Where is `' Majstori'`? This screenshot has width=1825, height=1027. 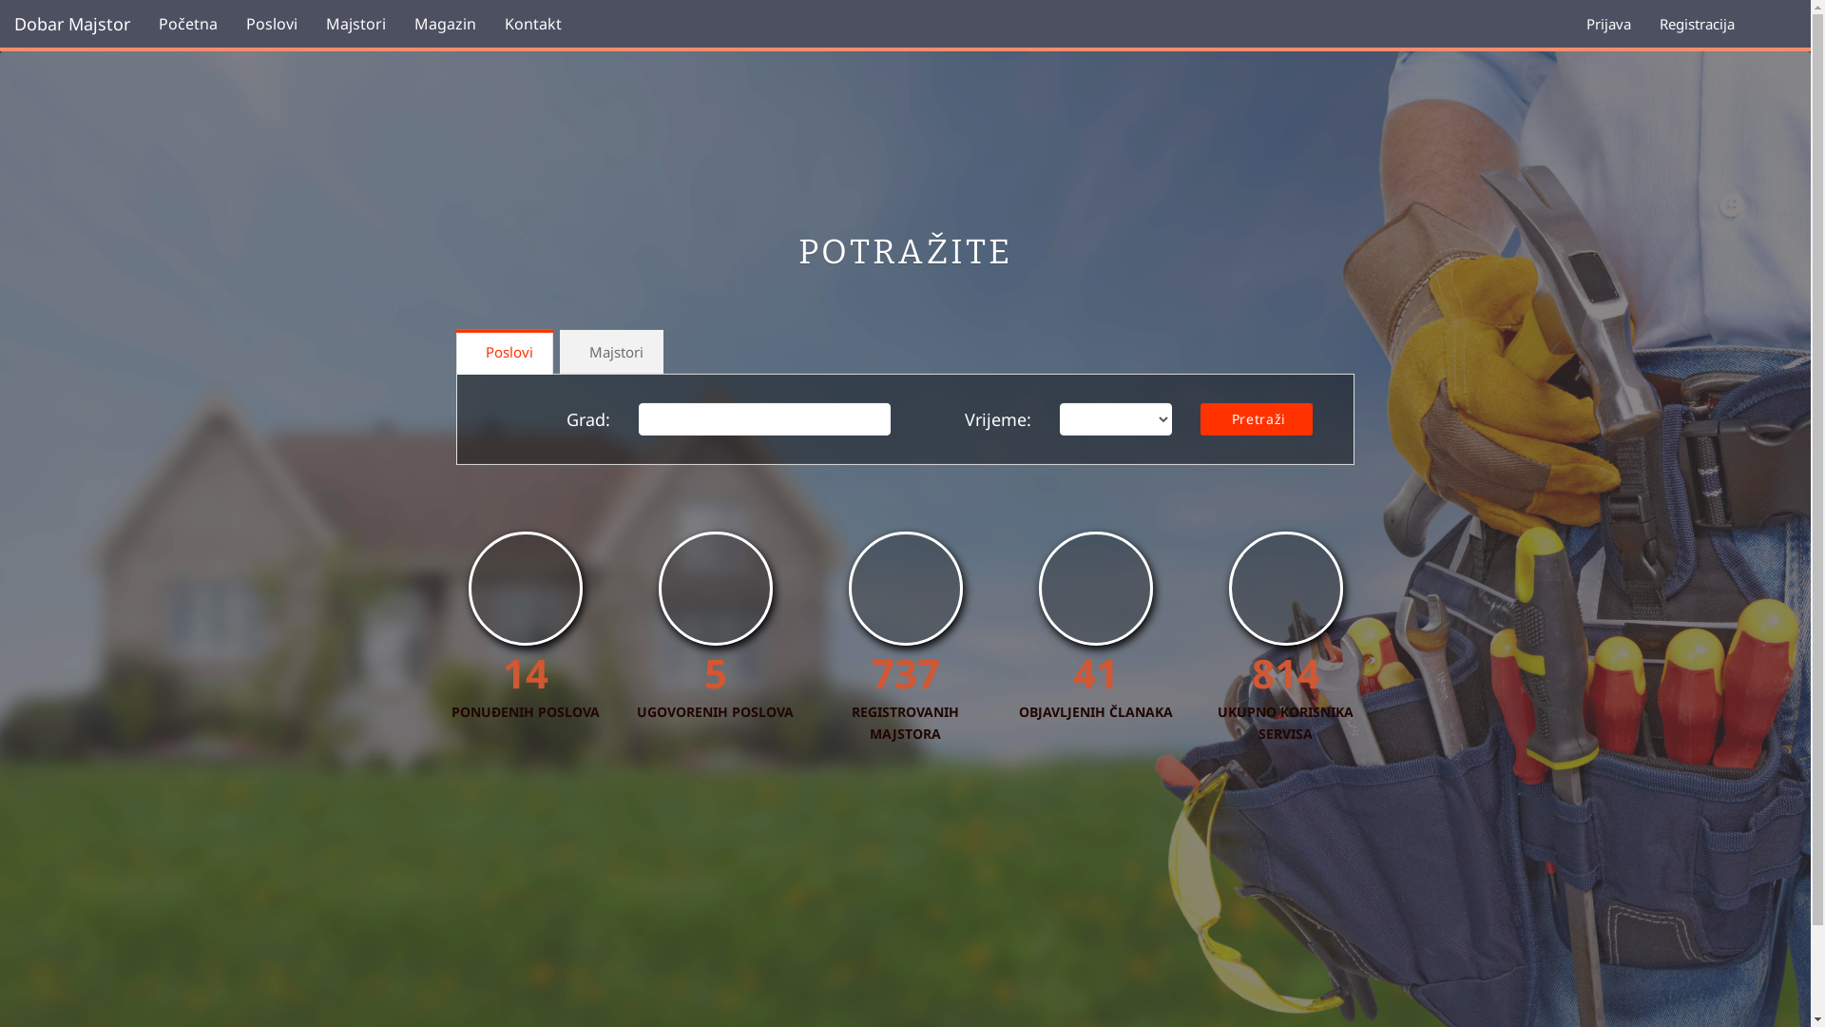
' Majstori' is located at coordinates (611, 352).